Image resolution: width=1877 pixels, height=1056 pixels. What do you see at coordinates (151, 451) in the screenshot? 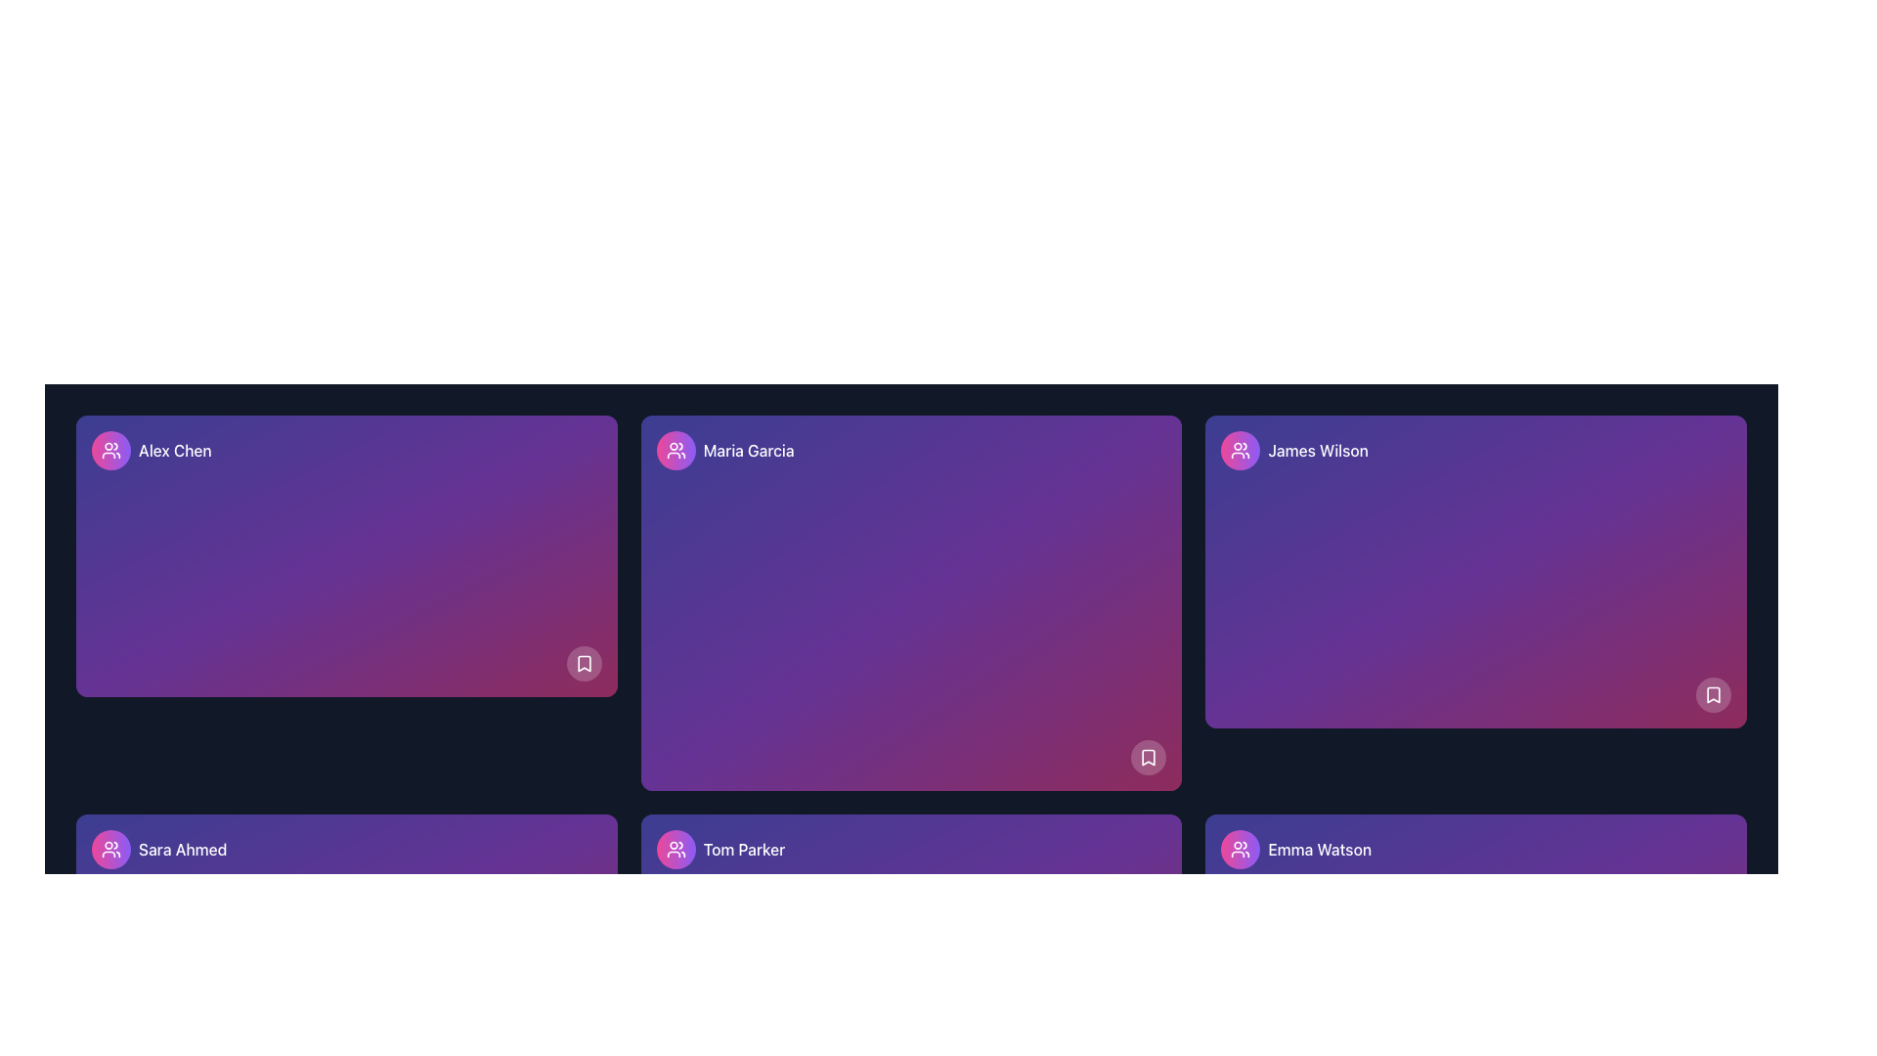
I see `the user name label located in the top-left corner of a card with a gradient background` at bounding box center [151, 451].